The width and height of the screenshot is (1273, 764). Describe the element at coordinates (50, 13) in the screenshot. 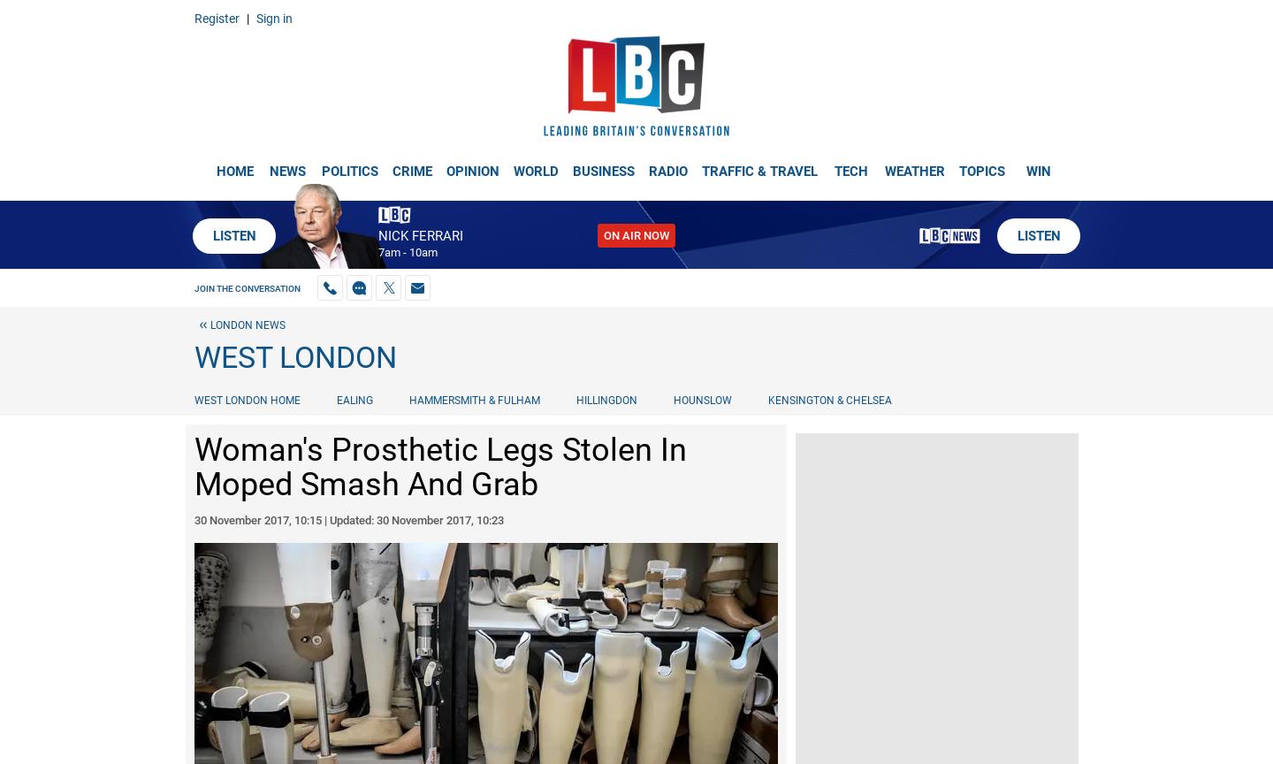

I see `'TEXT: 84850'` at that location.